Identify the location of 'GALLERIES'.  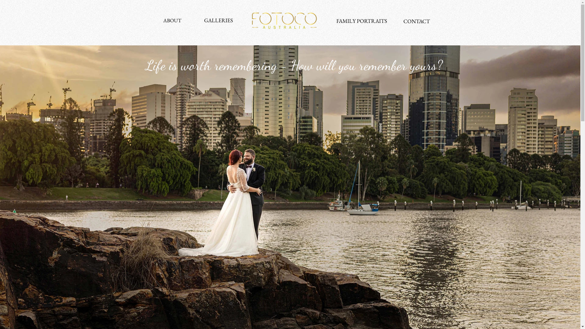
(204, 20).